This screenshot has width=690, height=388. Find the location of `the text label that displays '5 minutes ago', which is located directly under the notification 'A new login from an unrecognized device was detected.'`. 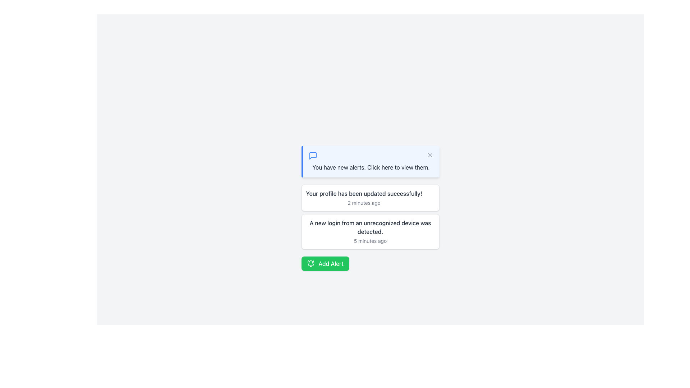

the text label that displays '5 minutes ago', which is located directly under the notification 'A new login from an unrecognized device was detected.' is located at coordinates (370, 241).